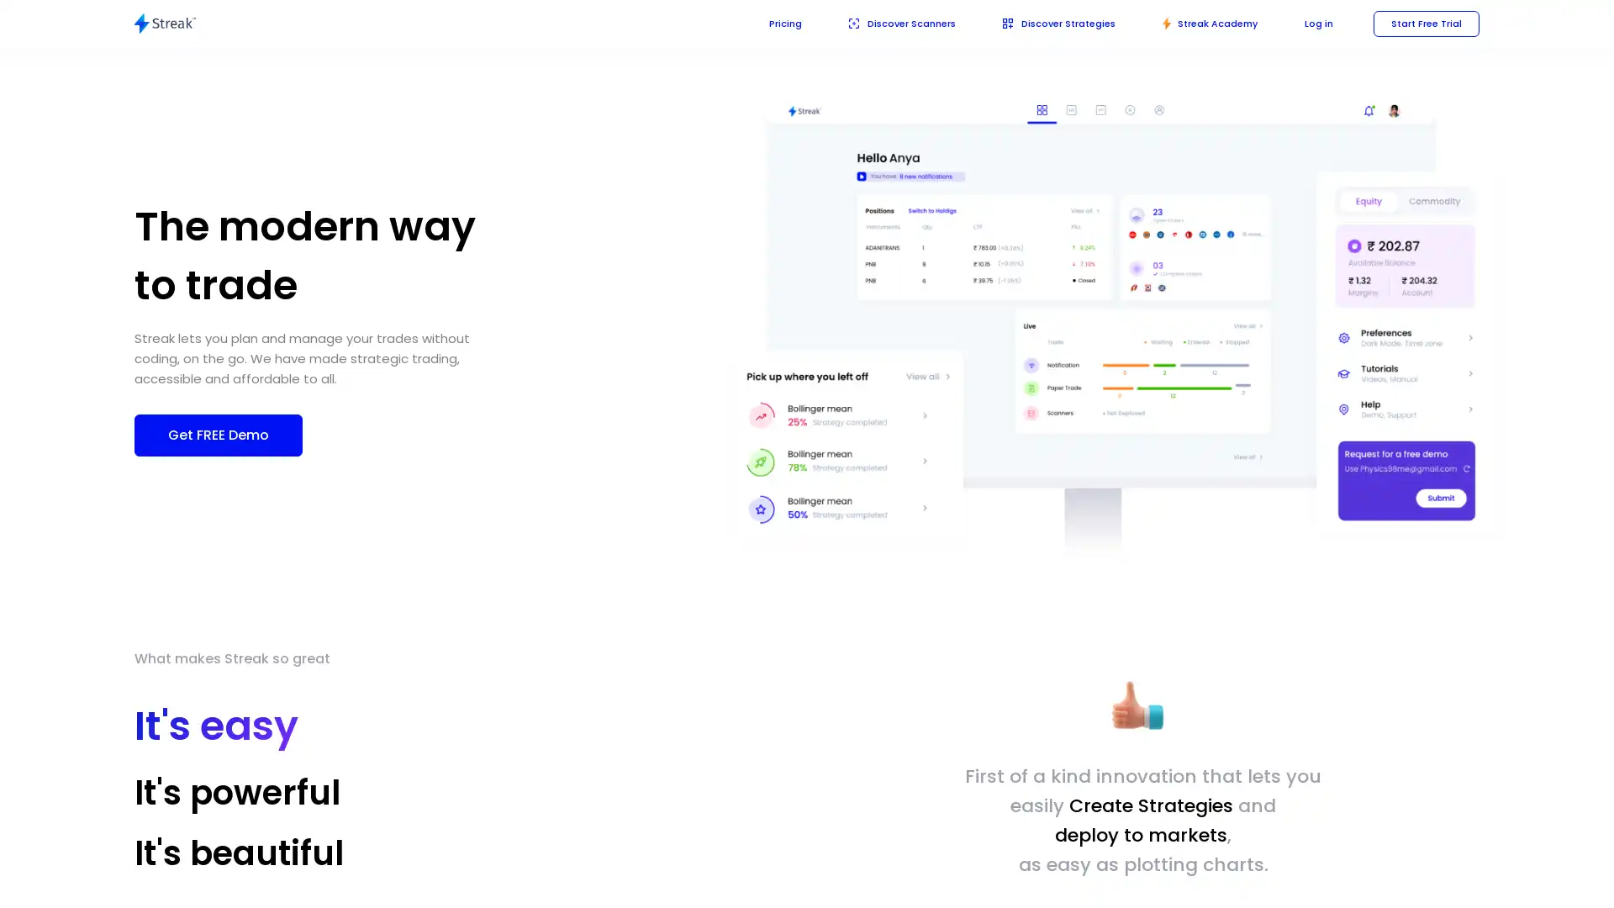  I want to click on It's easy, so click(202, 719).